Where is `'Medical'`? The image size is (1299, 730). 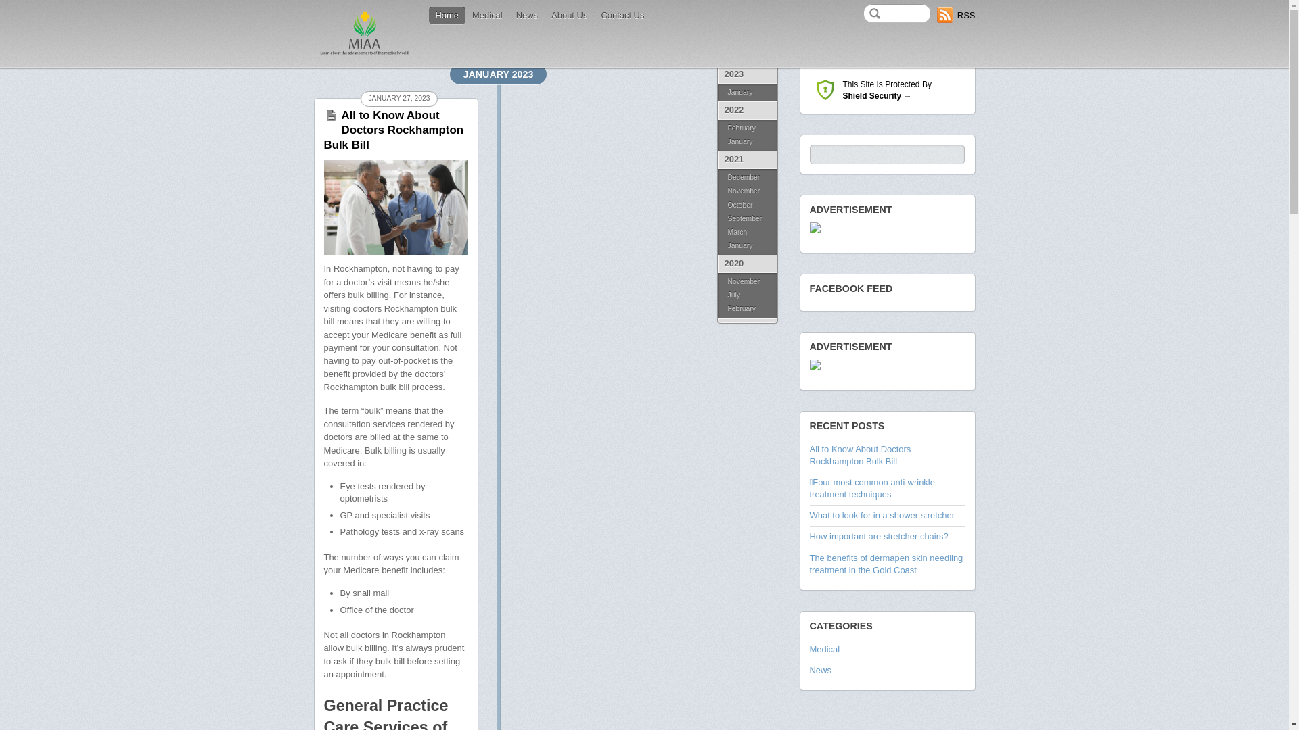 'Medical' is located at coordinates (823, 648).